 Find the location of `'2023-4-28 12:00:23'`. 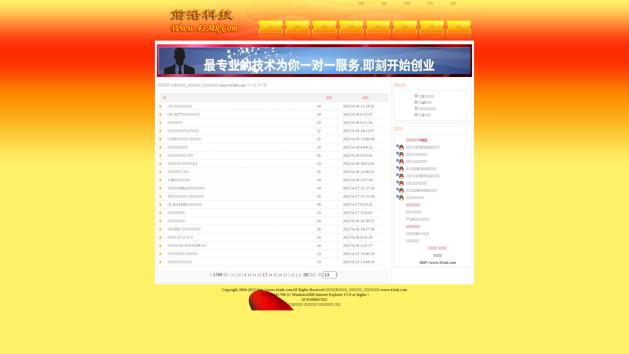

'2023-4-28 12:00:23' is located at coordinates (358, 171).